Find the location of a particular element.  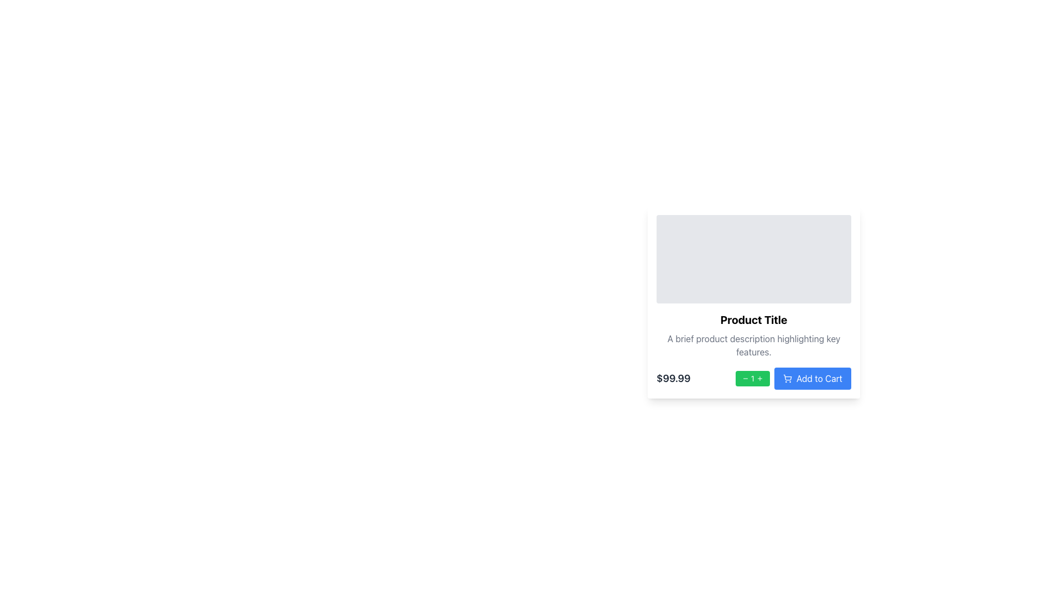

the blue 'Add to Cart' button with white text is located at coordinates (819, 378).